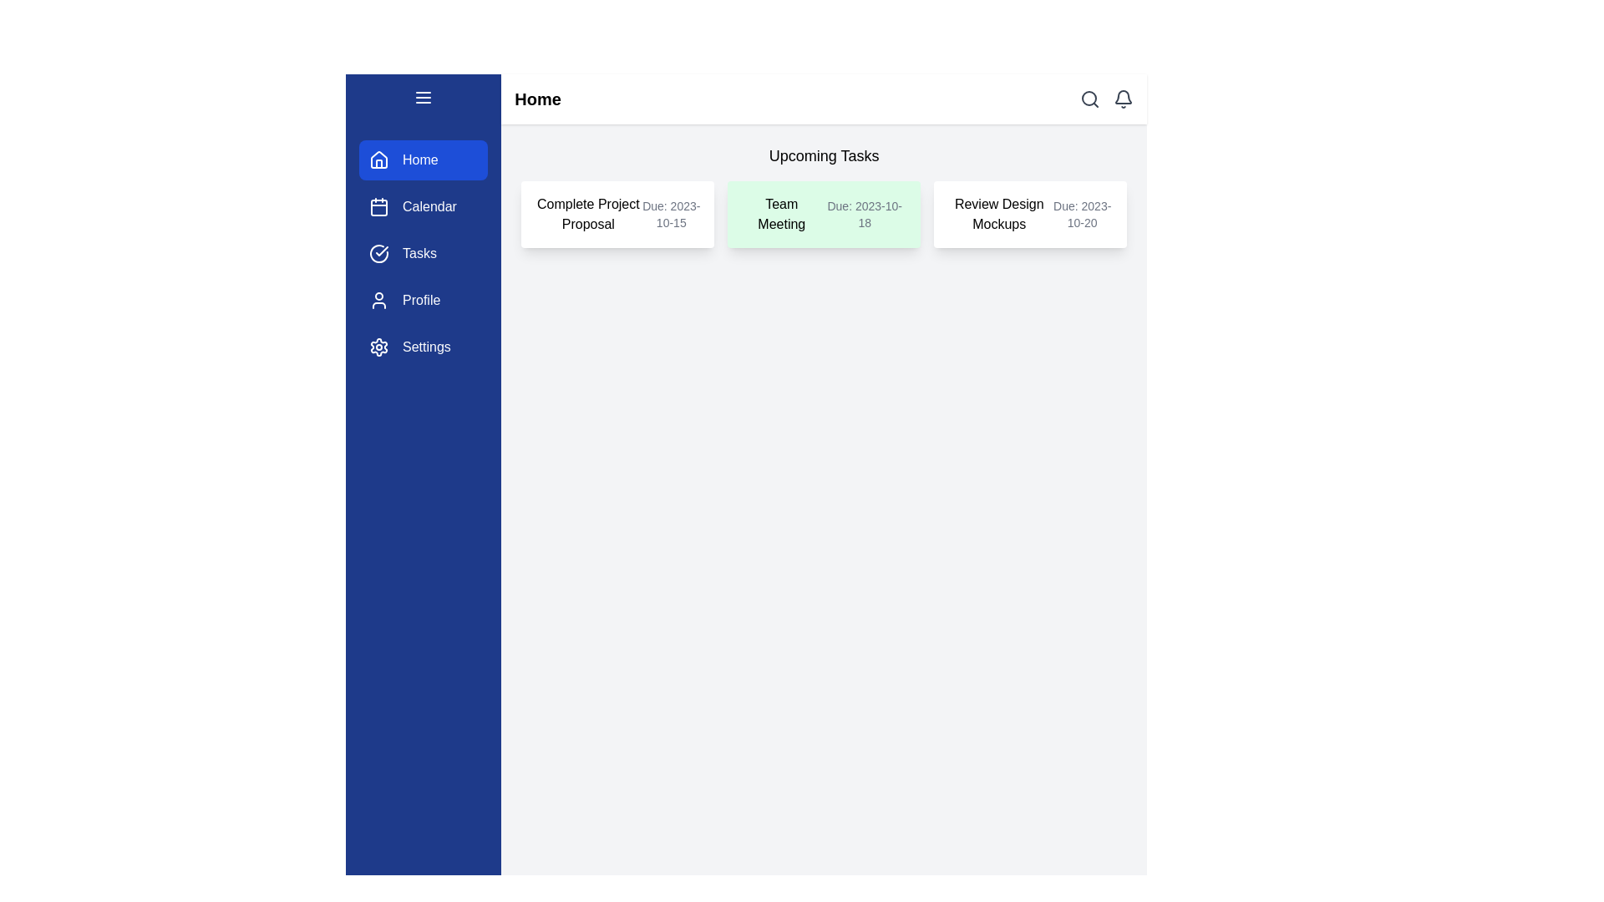 This screenshot has width=1604, height=902. What do you see at coordinates (999, 214) in the screenshot?
I see `the text label displaying 'Review Design Mockups' in the rightmost task card of the 'Upcoming Tasks' section` at bounding box center [999, 214].